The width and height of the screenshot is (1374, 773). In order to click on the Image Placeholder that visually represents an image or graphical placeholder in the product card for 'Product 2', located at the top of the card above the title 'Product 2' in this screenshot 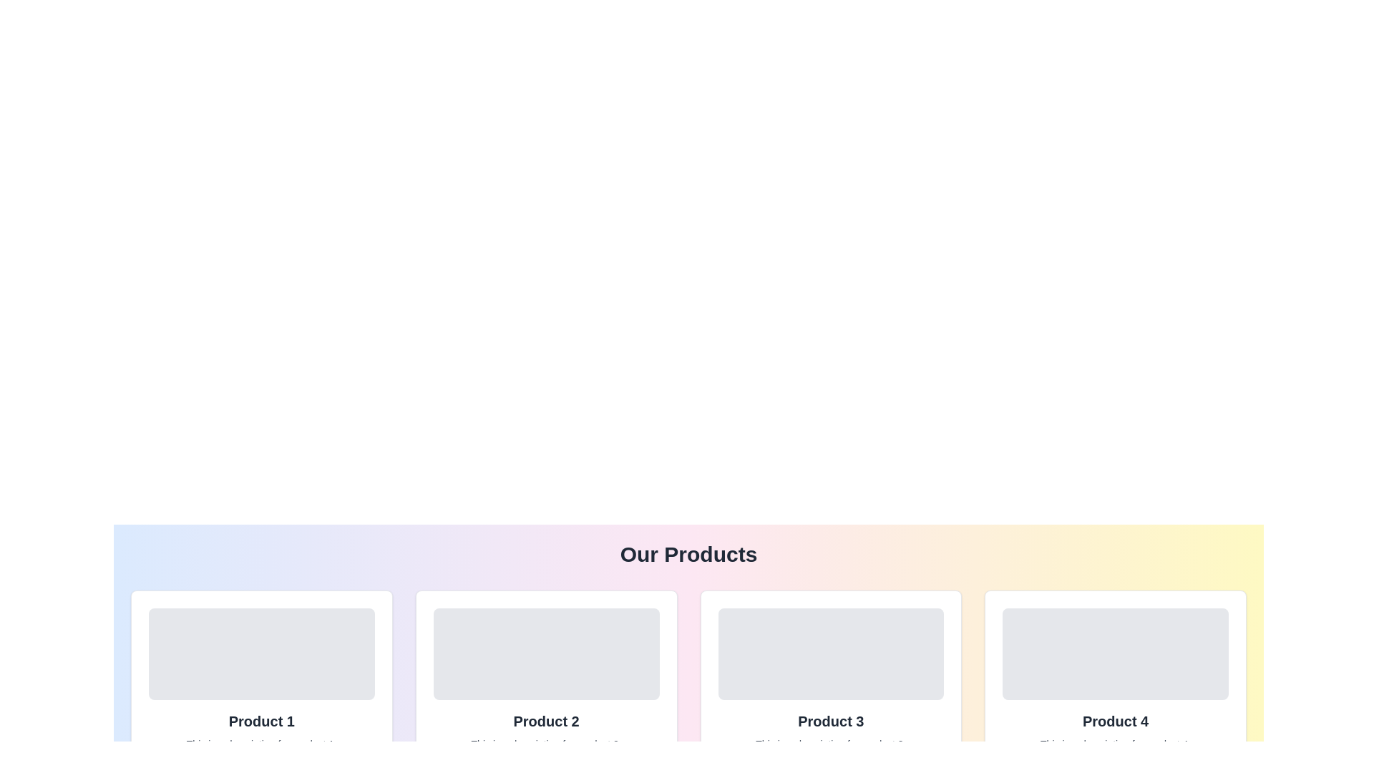, I will do `click(545, 654)`.